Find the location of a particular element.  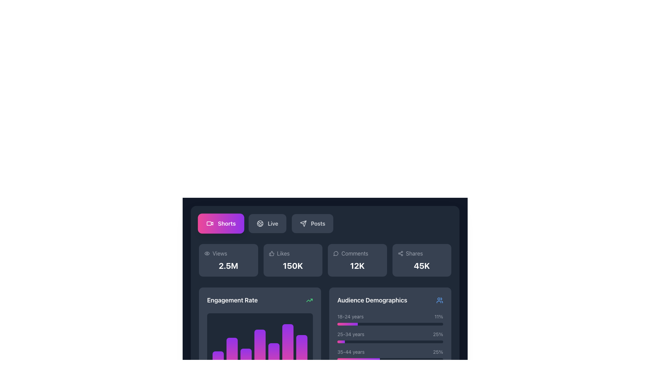

the progress indicated by the narrow horizontal progress bar located under the text '25-34 years' and '25%' in the 'Audience Demographics' section is located at coordinates (390, 342).